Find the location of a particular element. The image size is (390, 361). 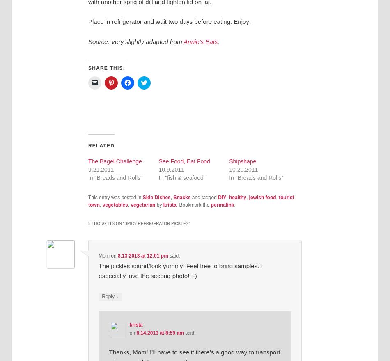

'Annie’s Eats' is located at coordinates (200, 41).